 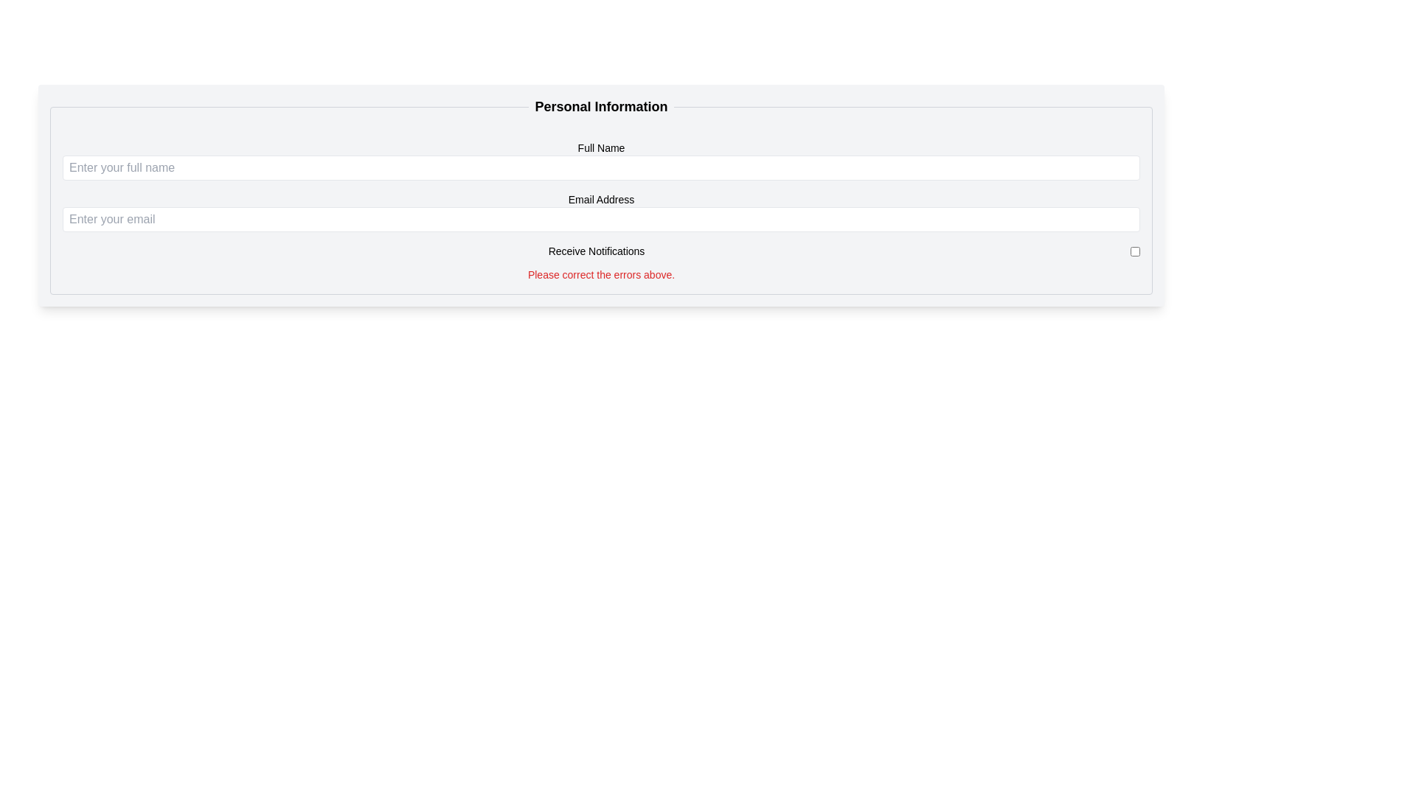 I want to click on the email input box below the 'Full Name' input field to focus it, so click(x=601, y=212).